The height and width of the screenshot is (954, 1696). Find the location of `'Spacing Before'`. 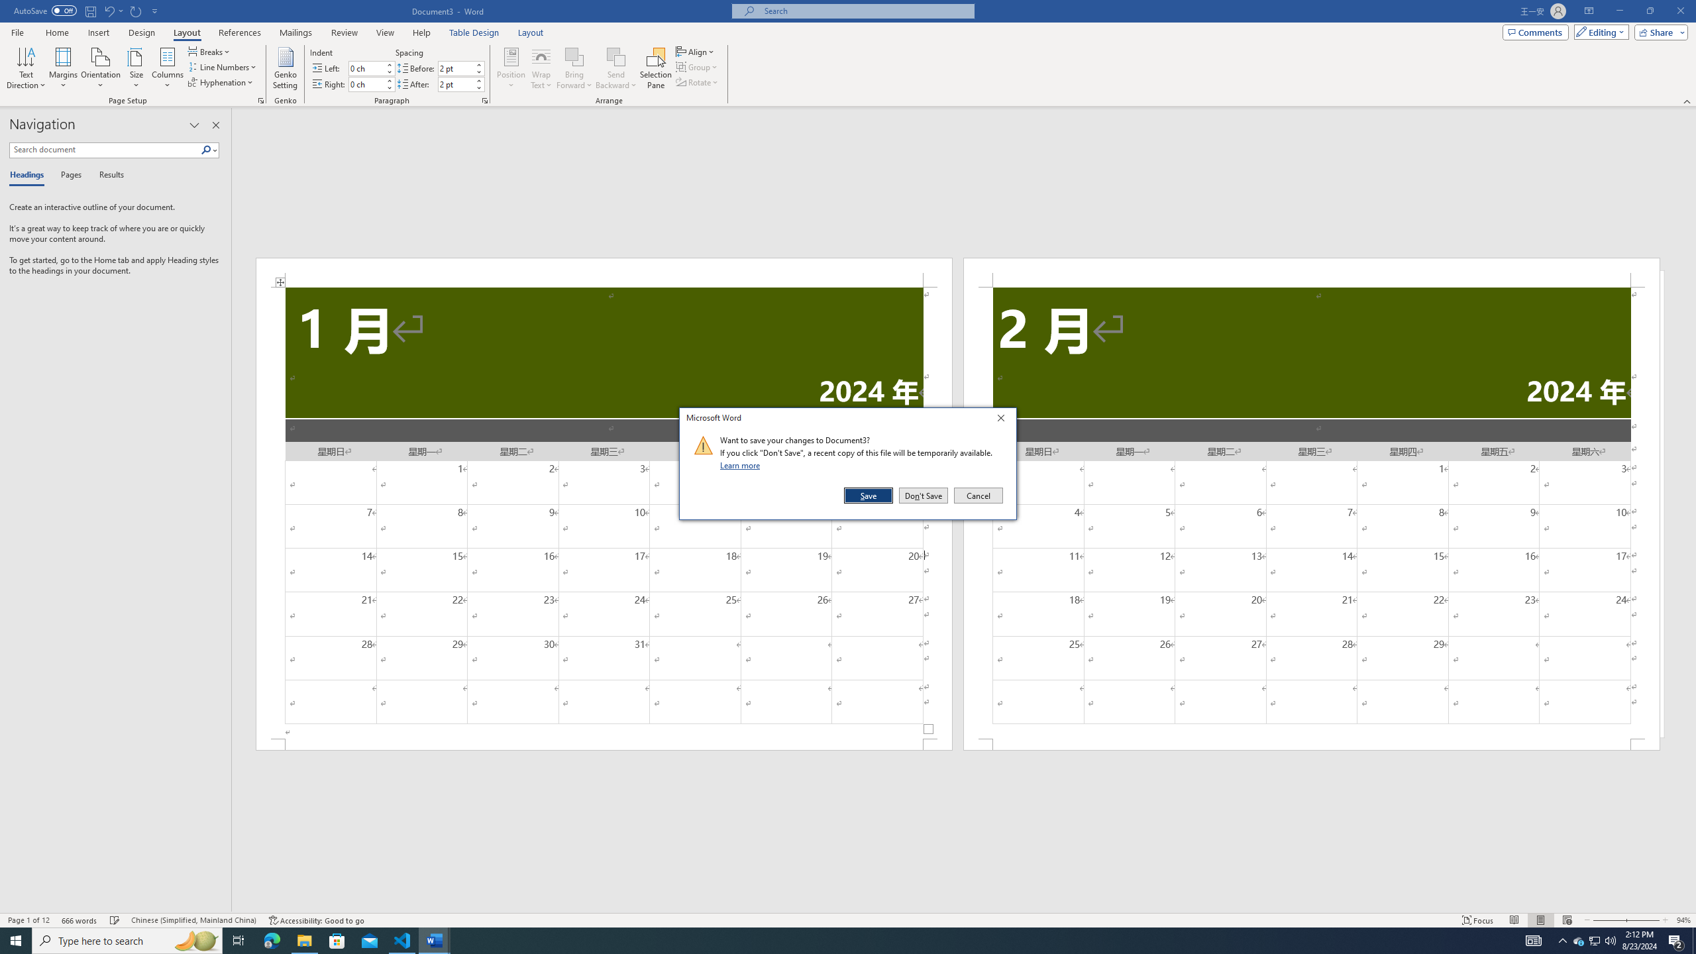

'Spacing Before' is located at coordinates (456, 68).